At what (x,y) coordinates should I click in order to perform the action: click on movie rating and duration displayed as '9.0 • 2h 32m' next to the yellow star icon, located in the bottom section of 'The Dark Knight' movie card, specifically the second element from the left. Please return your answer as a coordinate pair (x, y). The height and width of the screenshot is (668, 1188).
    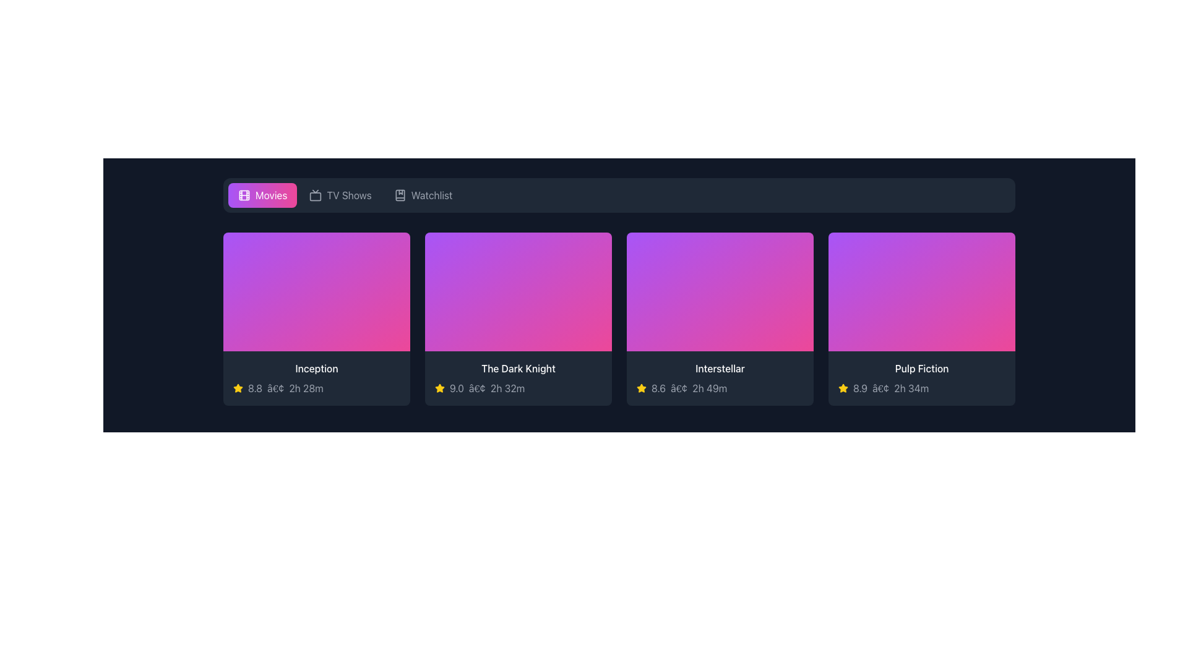
    Looking at the image, I should click on (519, 388).